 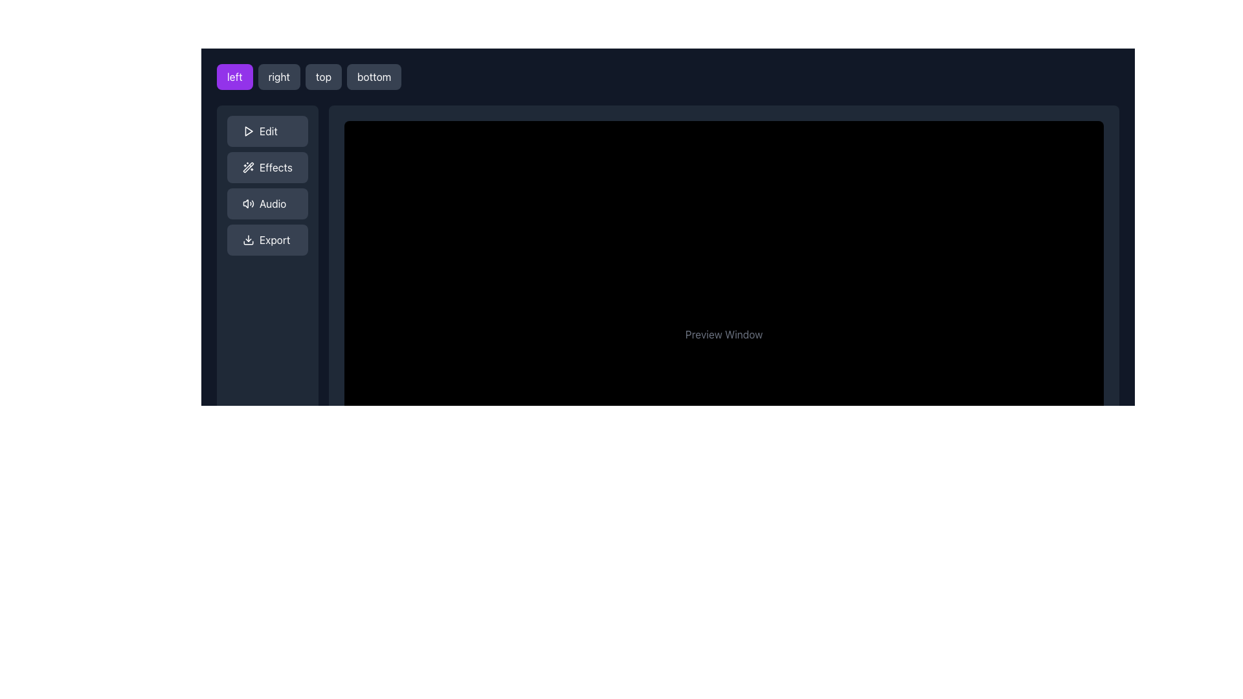 What do you see at coordinates (267, 131) in the screenshot?
I see `the first button in the vertical list on the left panel` at bounding box center [267, 131].